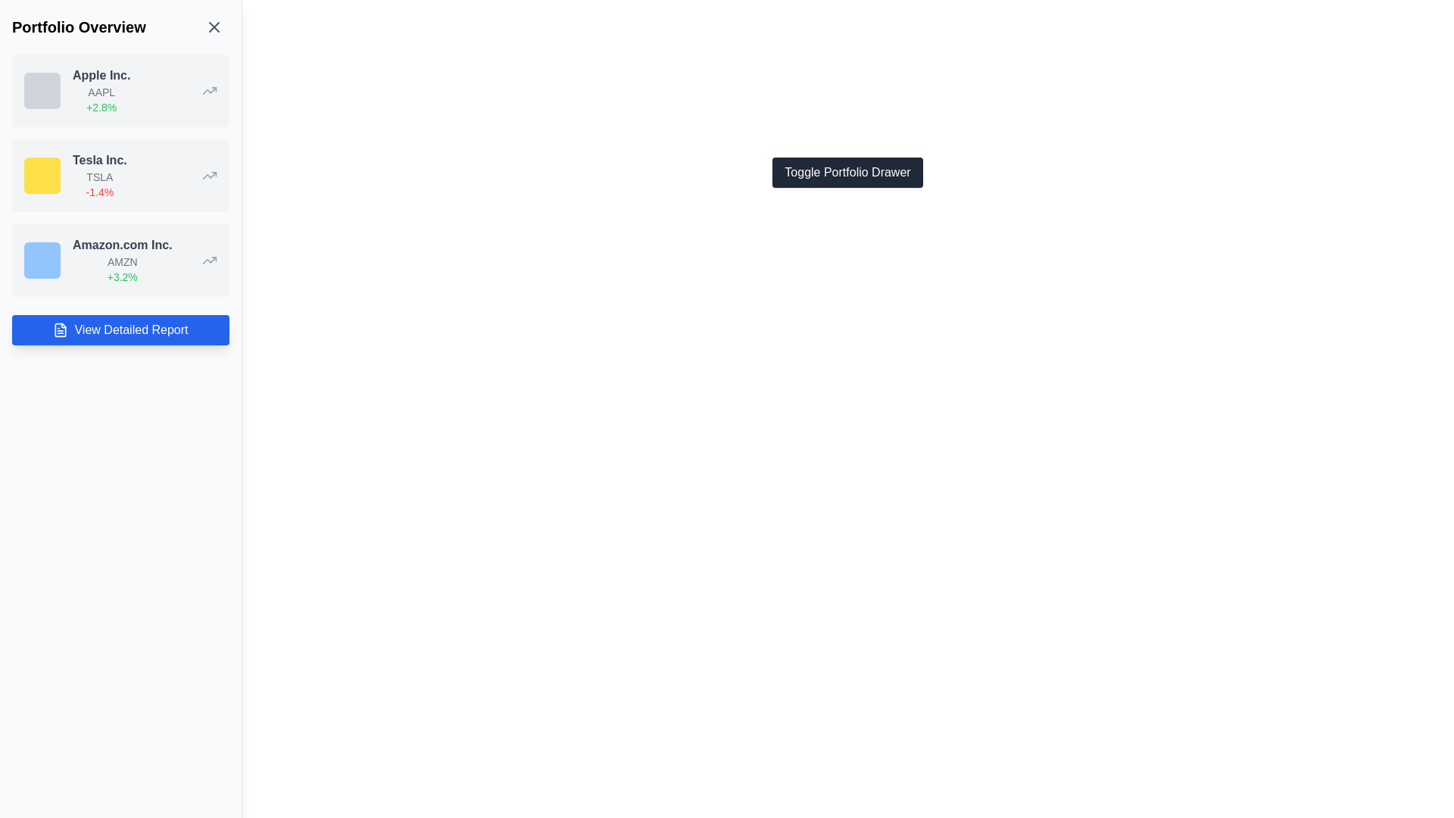 The image size is (1454, 818). What do you see at coordinates (131, 329) in the screenshot?
I see `the button located at the bottom of the left-aligned panel labeled 'Portfolio Overview'` at bounding box center [131, 329].